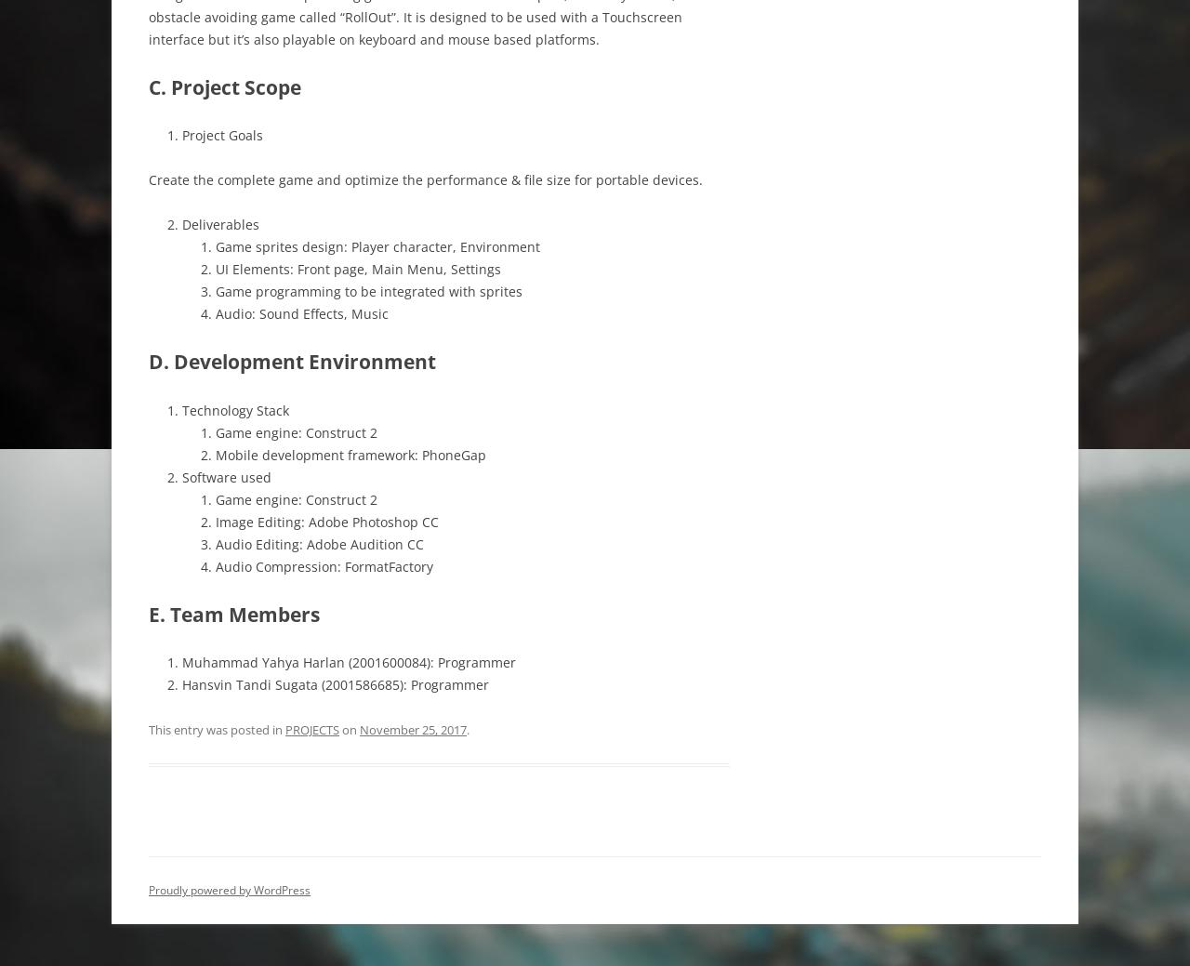 This screenshot has width=1190, height=966. Describe the element at coordinates (217, 728) in the screenshot. I see `'This entry was posted in'` at that location.